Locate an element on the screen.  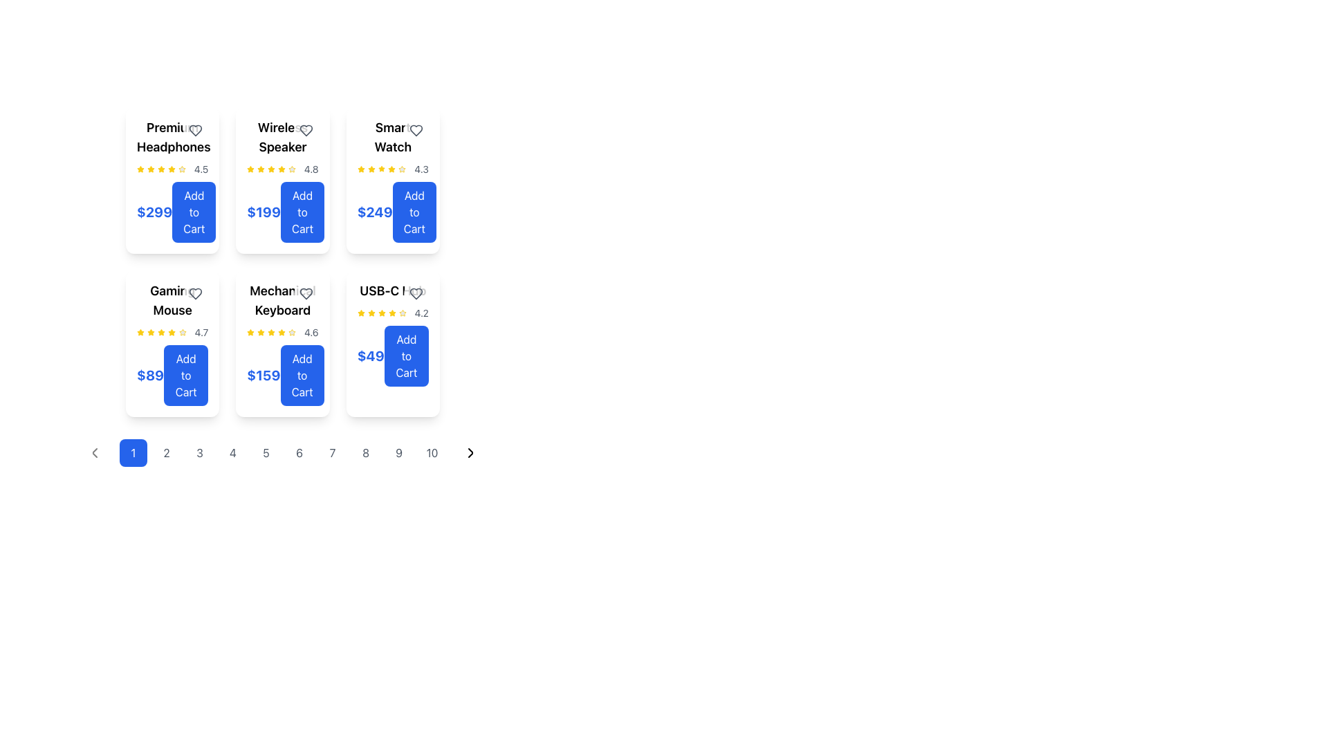
the circular button labeled '5' is located at coordinates (266, 453).